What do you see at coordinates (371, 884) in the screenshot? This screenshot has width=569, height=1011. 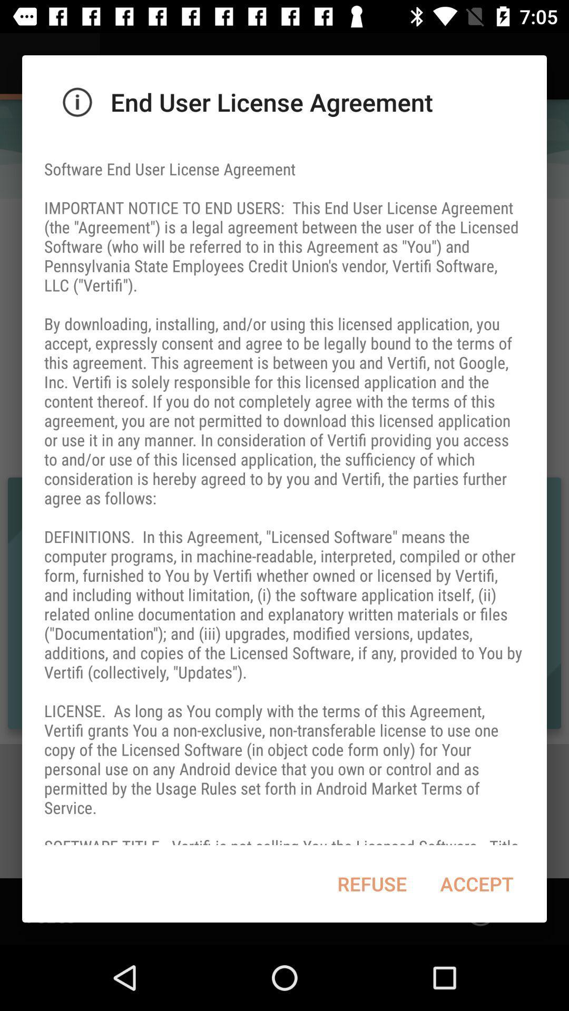 I see `the item next to the accept icon` at bounding box center [371, 884].